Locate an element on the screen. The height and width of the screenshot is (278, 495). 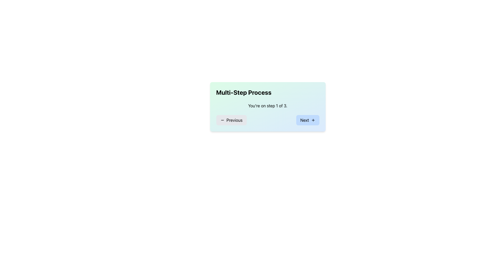
the button labeled 'Next' with a light blue background and bold black text, located towards the right end of the layout is located at coordinates (308, 120).